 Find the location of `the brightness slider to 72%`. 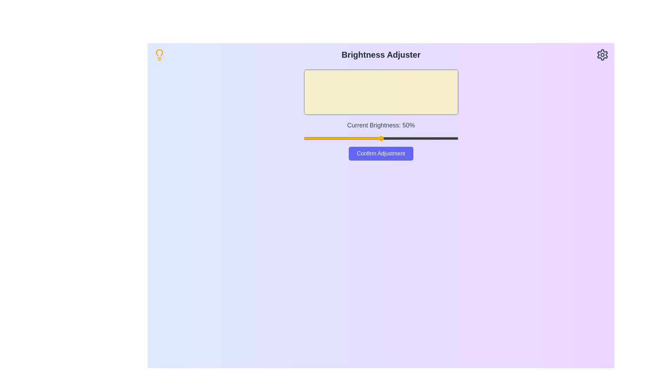

the brightness slider to 72% is located at coordinates (415, 138).